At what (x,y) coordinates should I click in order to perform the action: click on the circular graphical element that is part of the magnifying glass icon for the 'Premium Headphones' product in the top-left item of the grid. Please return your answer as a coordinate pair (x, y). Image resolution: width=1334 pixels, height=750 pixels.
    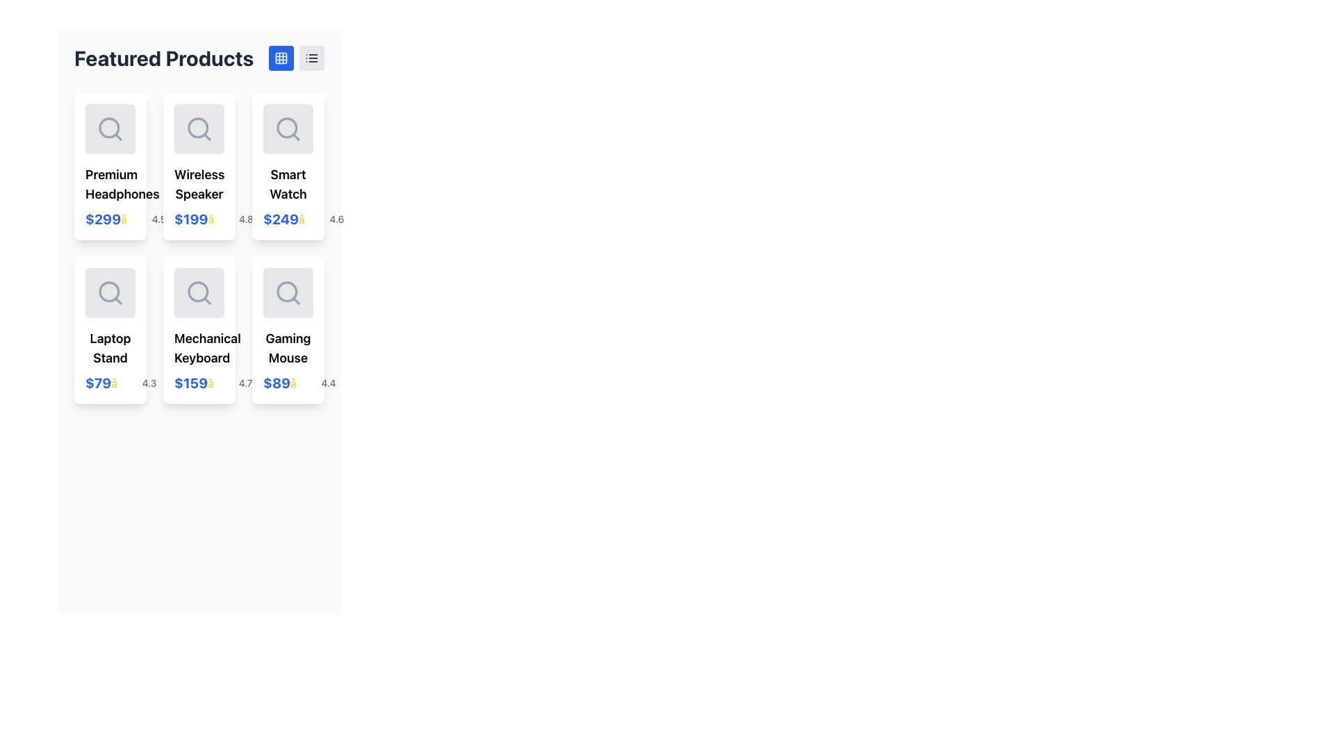
    Looking at the image, I should click on (108, 128).